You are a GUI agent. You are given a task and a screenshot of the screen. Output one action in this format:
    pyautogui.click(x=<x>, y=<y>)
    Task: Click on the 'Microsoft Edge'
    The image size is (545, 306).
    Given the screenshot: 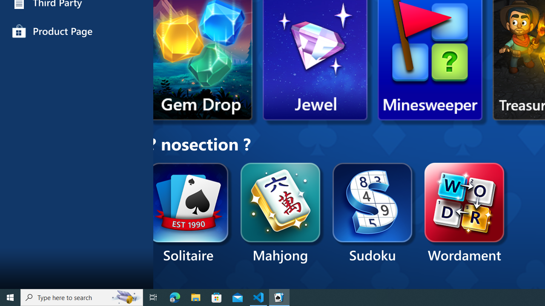 What is the action you would take?
    pyautogui.click(x=175, y=297)
    